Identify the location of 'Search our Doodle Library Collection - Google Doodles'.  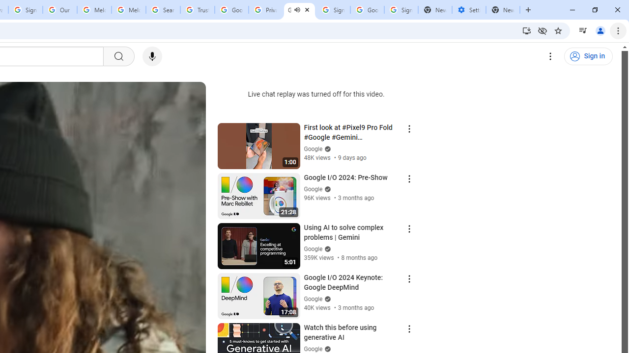
(163, 10).